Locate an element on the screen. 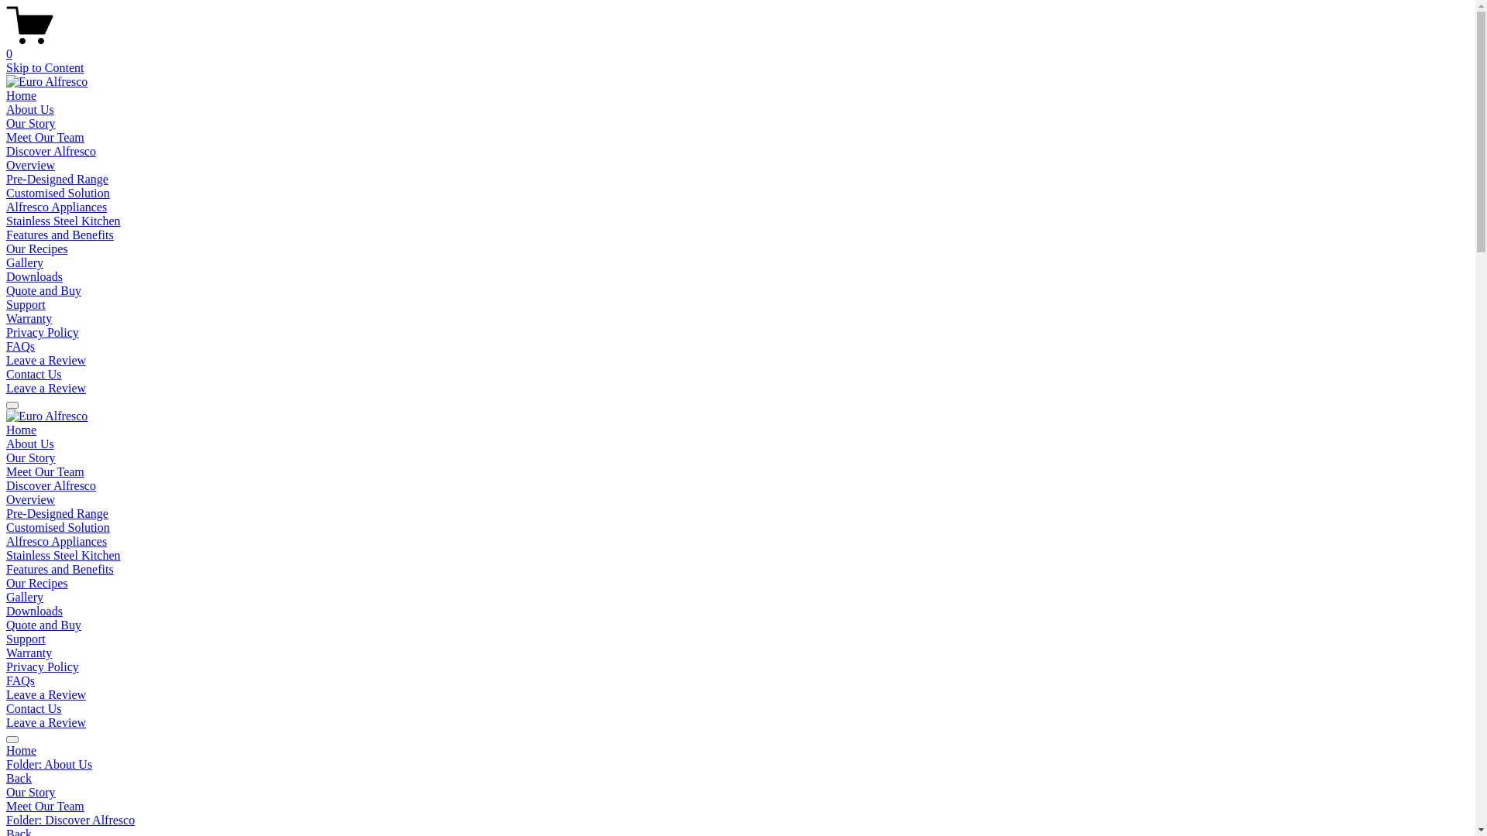  'Warranty' is located at coordinates (29, 653).